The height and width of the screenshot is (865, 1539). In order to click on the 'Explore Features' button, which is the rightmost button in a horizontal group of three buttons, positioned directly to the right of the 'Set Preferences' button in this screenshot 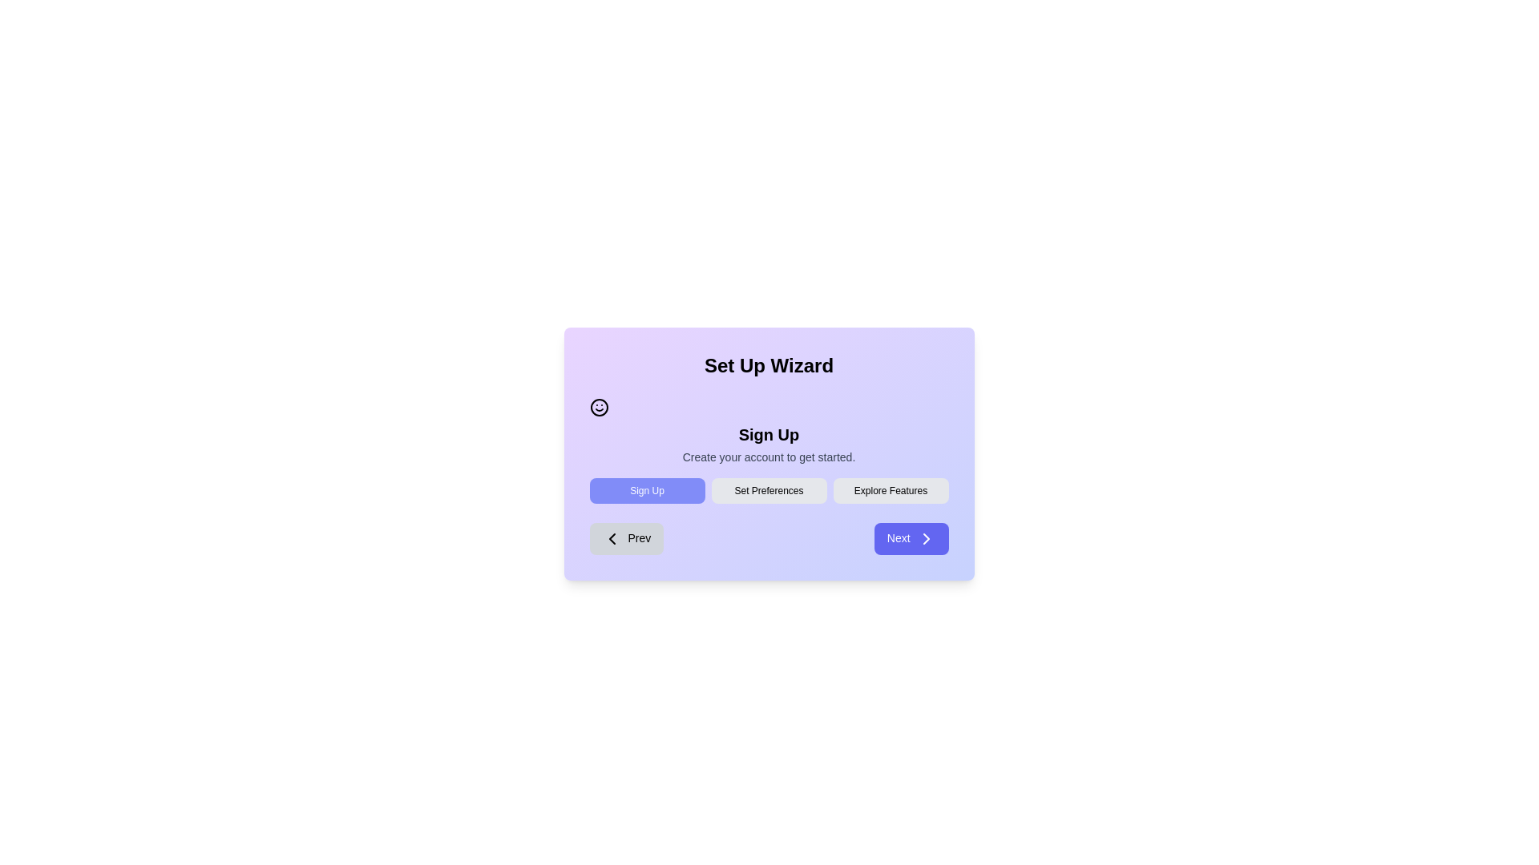, I will do `click(890, 490)`.